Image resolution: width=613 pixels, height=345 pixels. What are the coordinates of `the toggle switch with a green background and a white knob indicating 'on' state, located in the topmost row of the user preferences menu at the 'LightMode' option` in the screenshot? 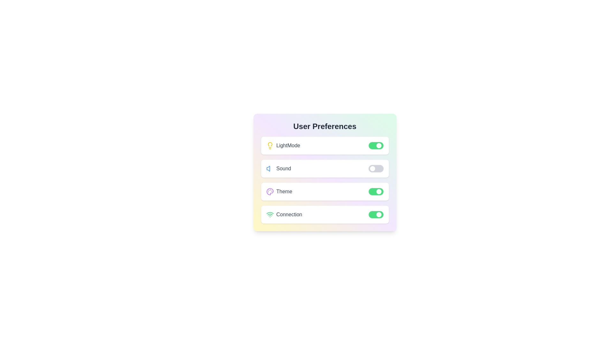 It's located at (376, 145).